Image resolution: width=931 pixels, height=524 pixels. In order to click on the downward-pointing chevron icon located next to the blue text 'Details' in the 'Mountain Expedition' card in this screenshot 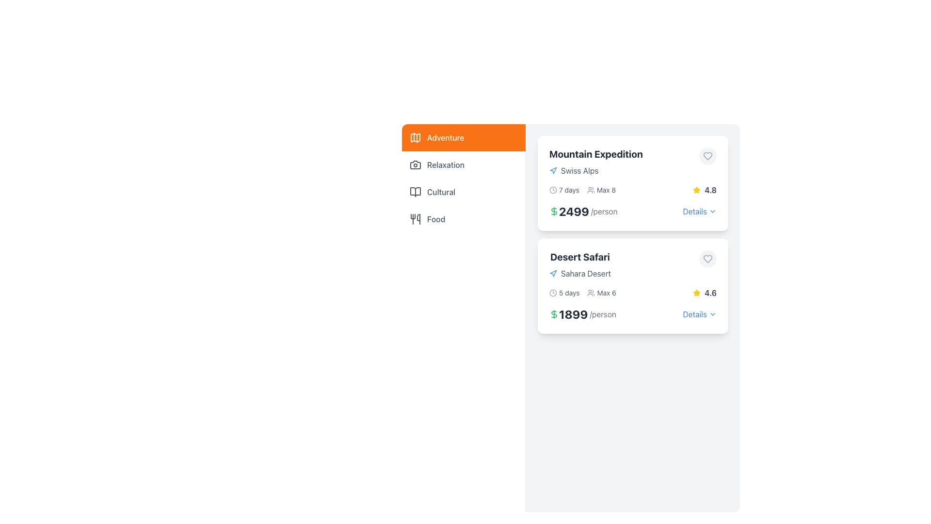, I will do `click(712, 211)`.